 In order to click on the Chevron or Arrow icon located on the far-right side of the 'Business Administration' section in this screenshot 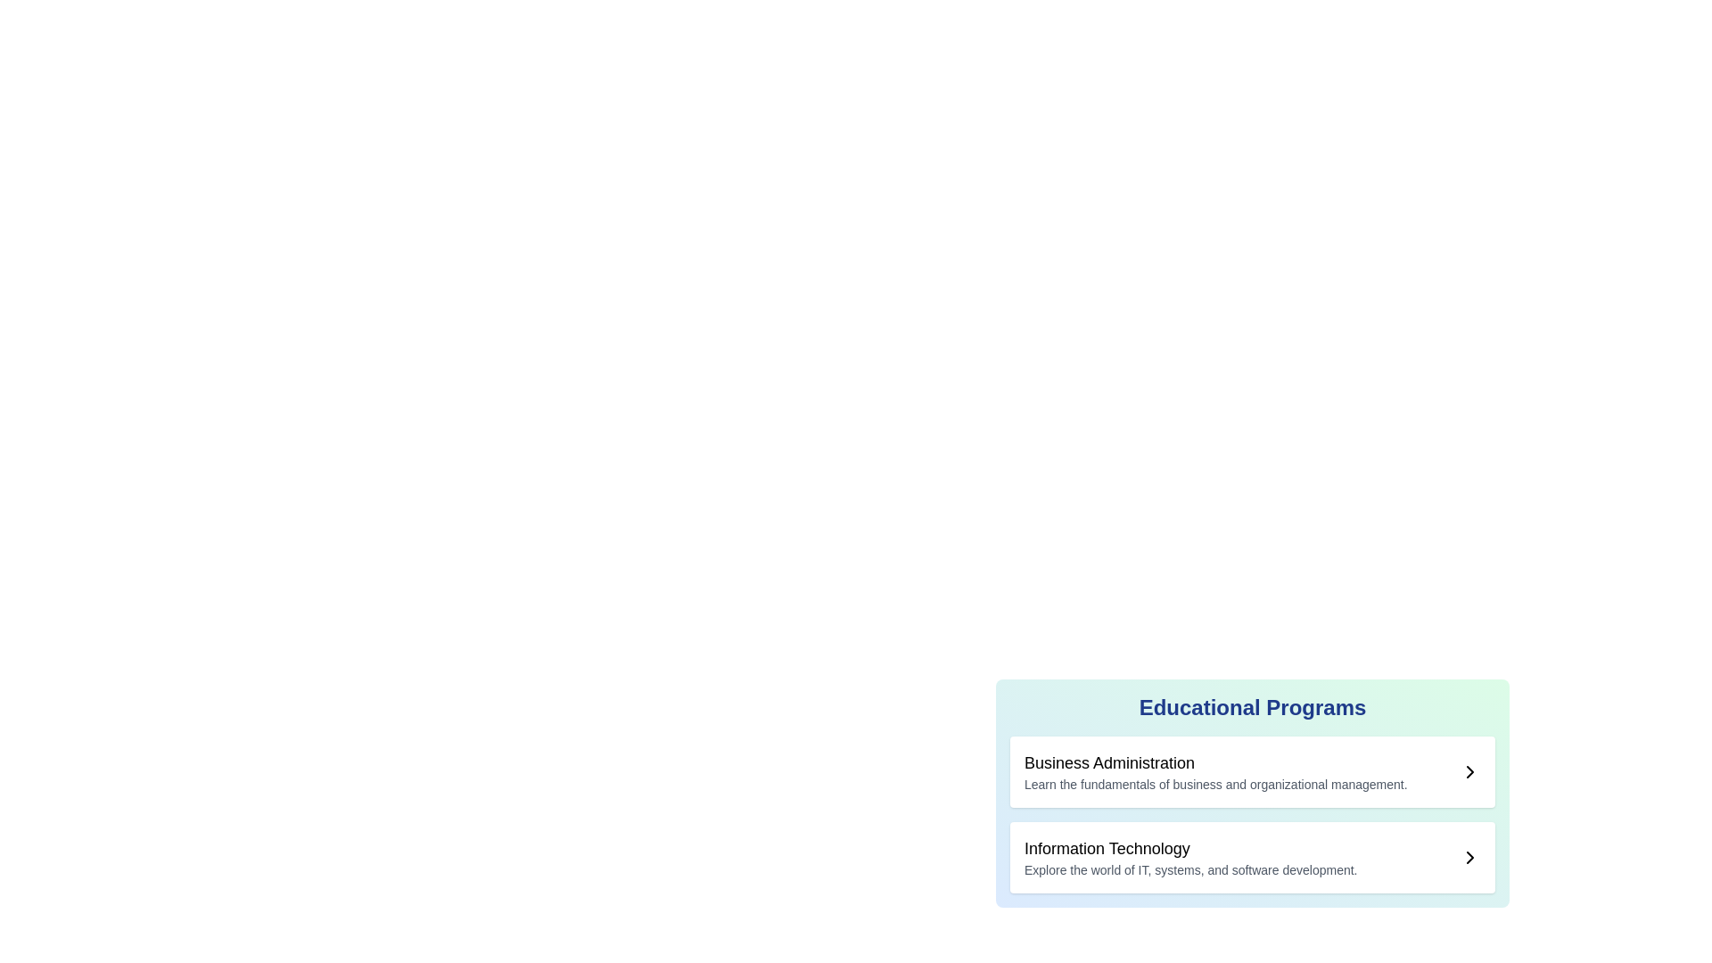, I will do `click(1470, 771)`.